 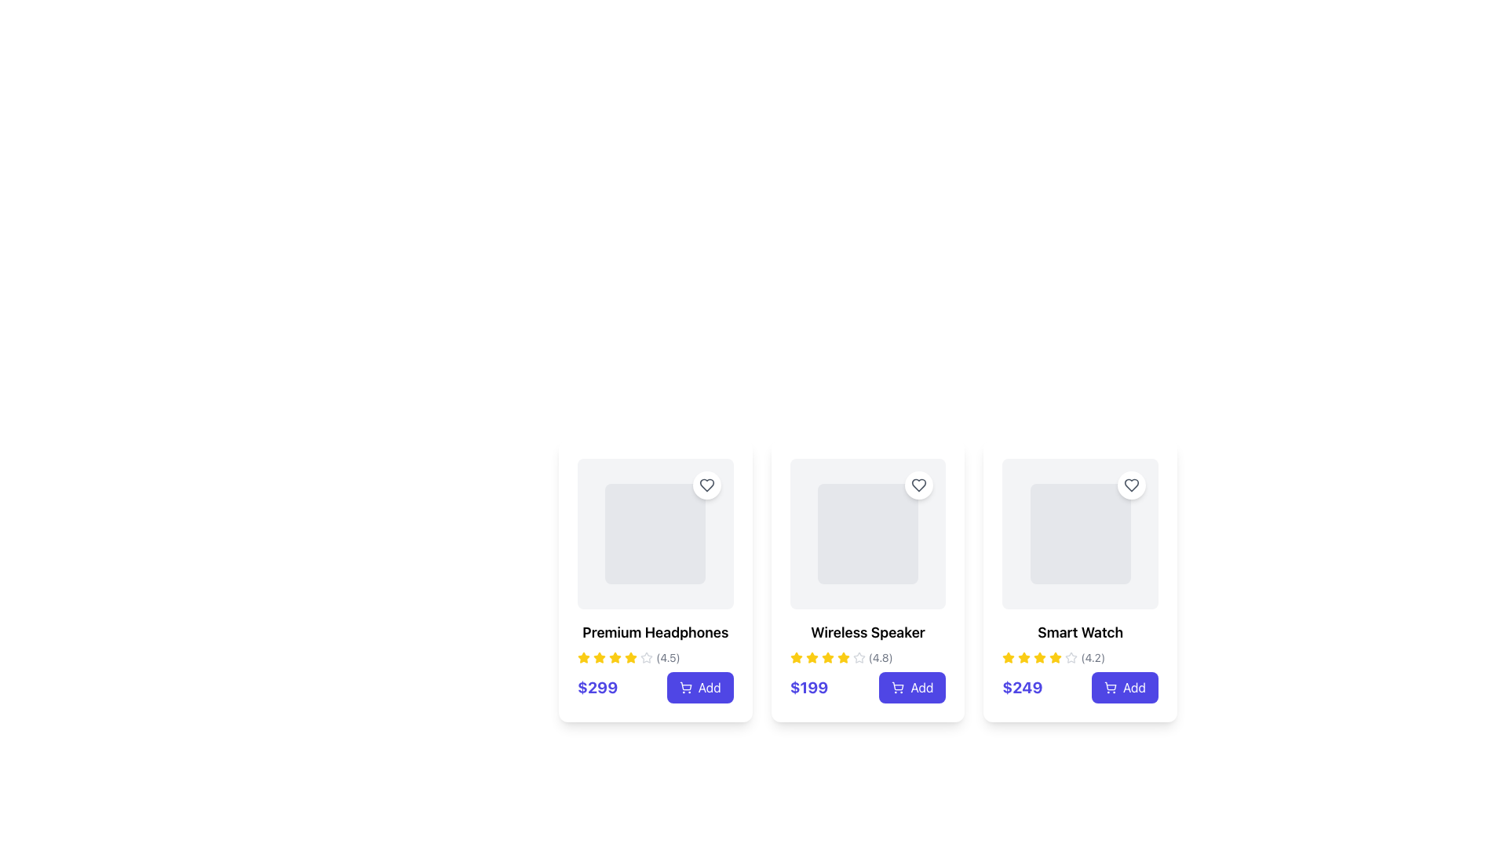 What do you see at coordinates (867, 686) in the screenshot?
I see `the 'Add to Cart' button located at the bottom of the 'Wireless Speaker' card, positioned in the second position from the left in a horizontal layout` at bounding box center [867, 686].